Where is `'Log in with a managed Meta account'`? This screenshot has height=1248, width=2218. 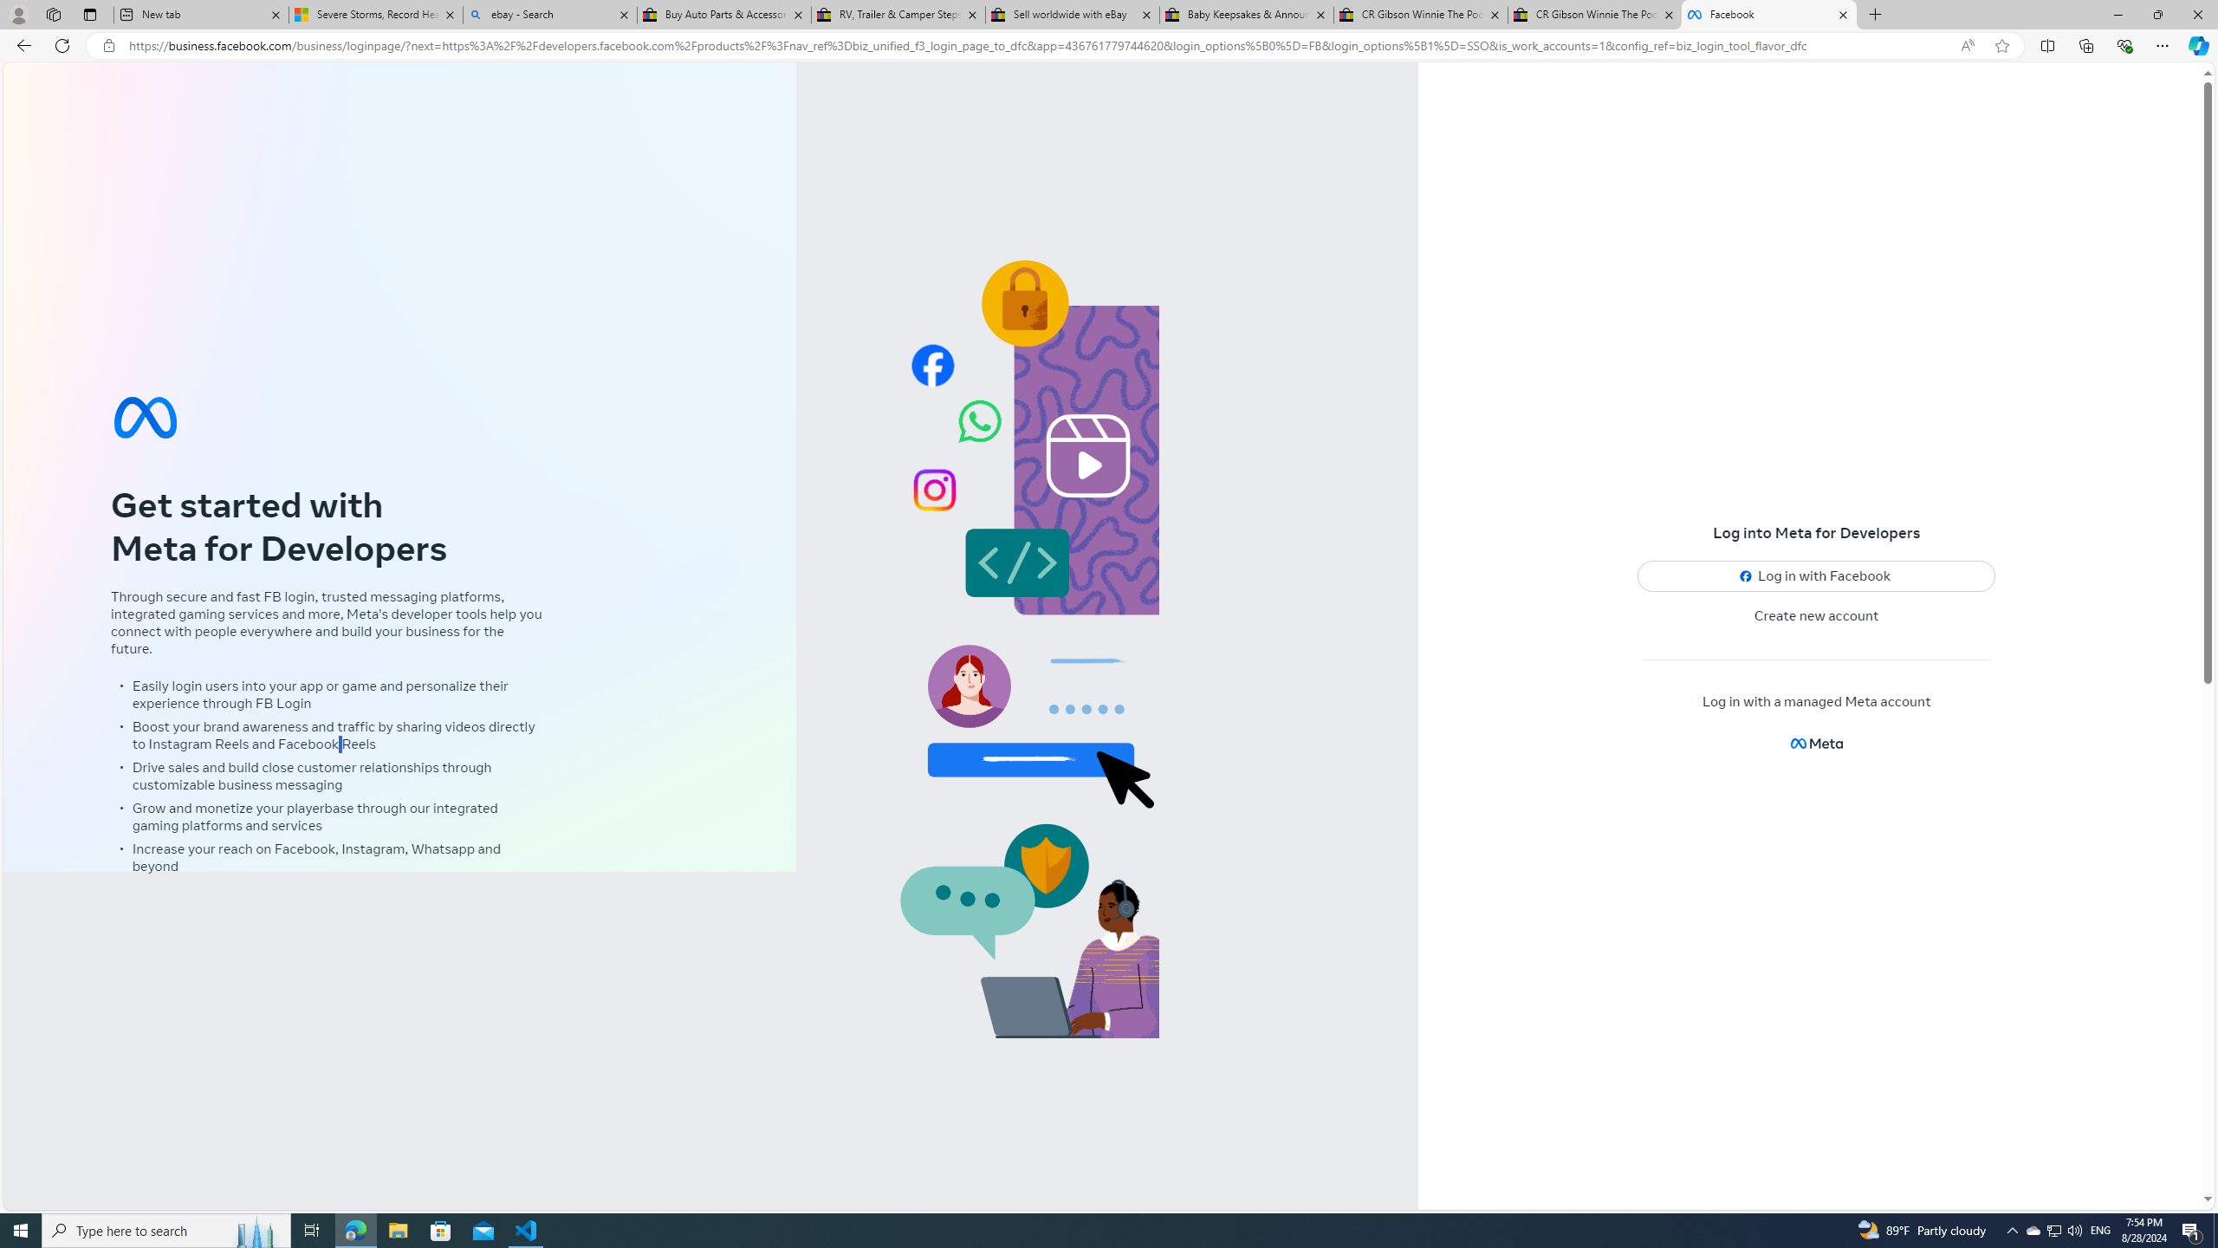 'Log in with a managed Meta account' is located at coordinates (1815, 701).